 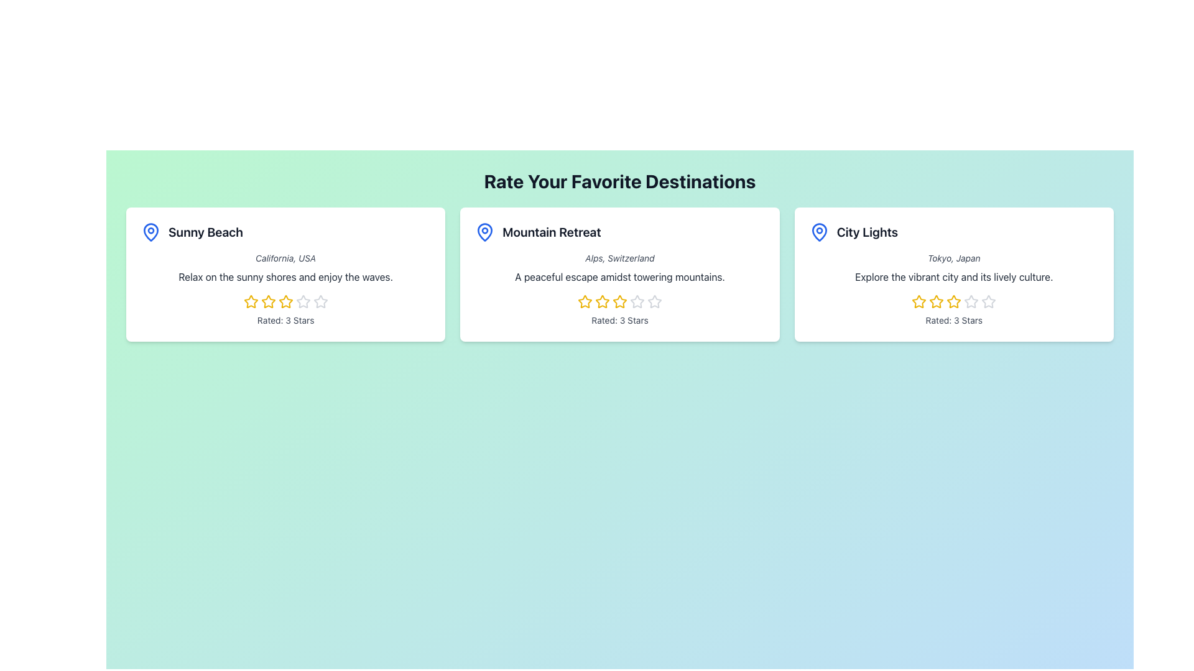 What do you see at coordinates (919, 301) in the screenshot?
I see `the first yellow star icon in the 5-star rating system under the 'City Lights' card to rate it` at bounding box center [919, 301].